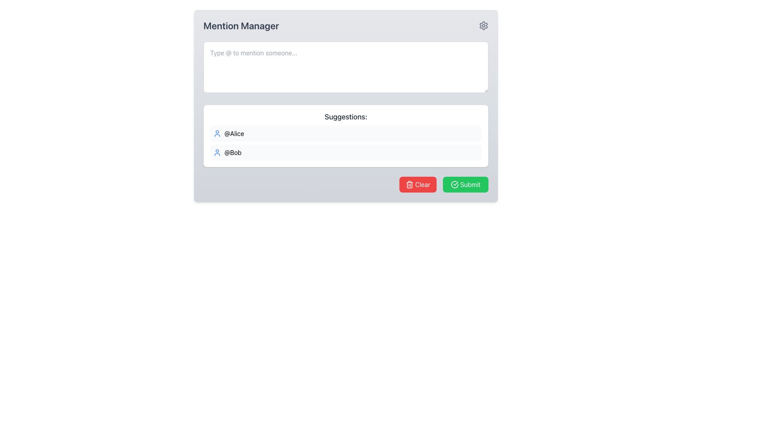 This screenshot has height=427, width=760. What do you see at coordinates (232, 152) in the screenshot?
I see `the text label '@Bob'` at bounding box center [232, 152].